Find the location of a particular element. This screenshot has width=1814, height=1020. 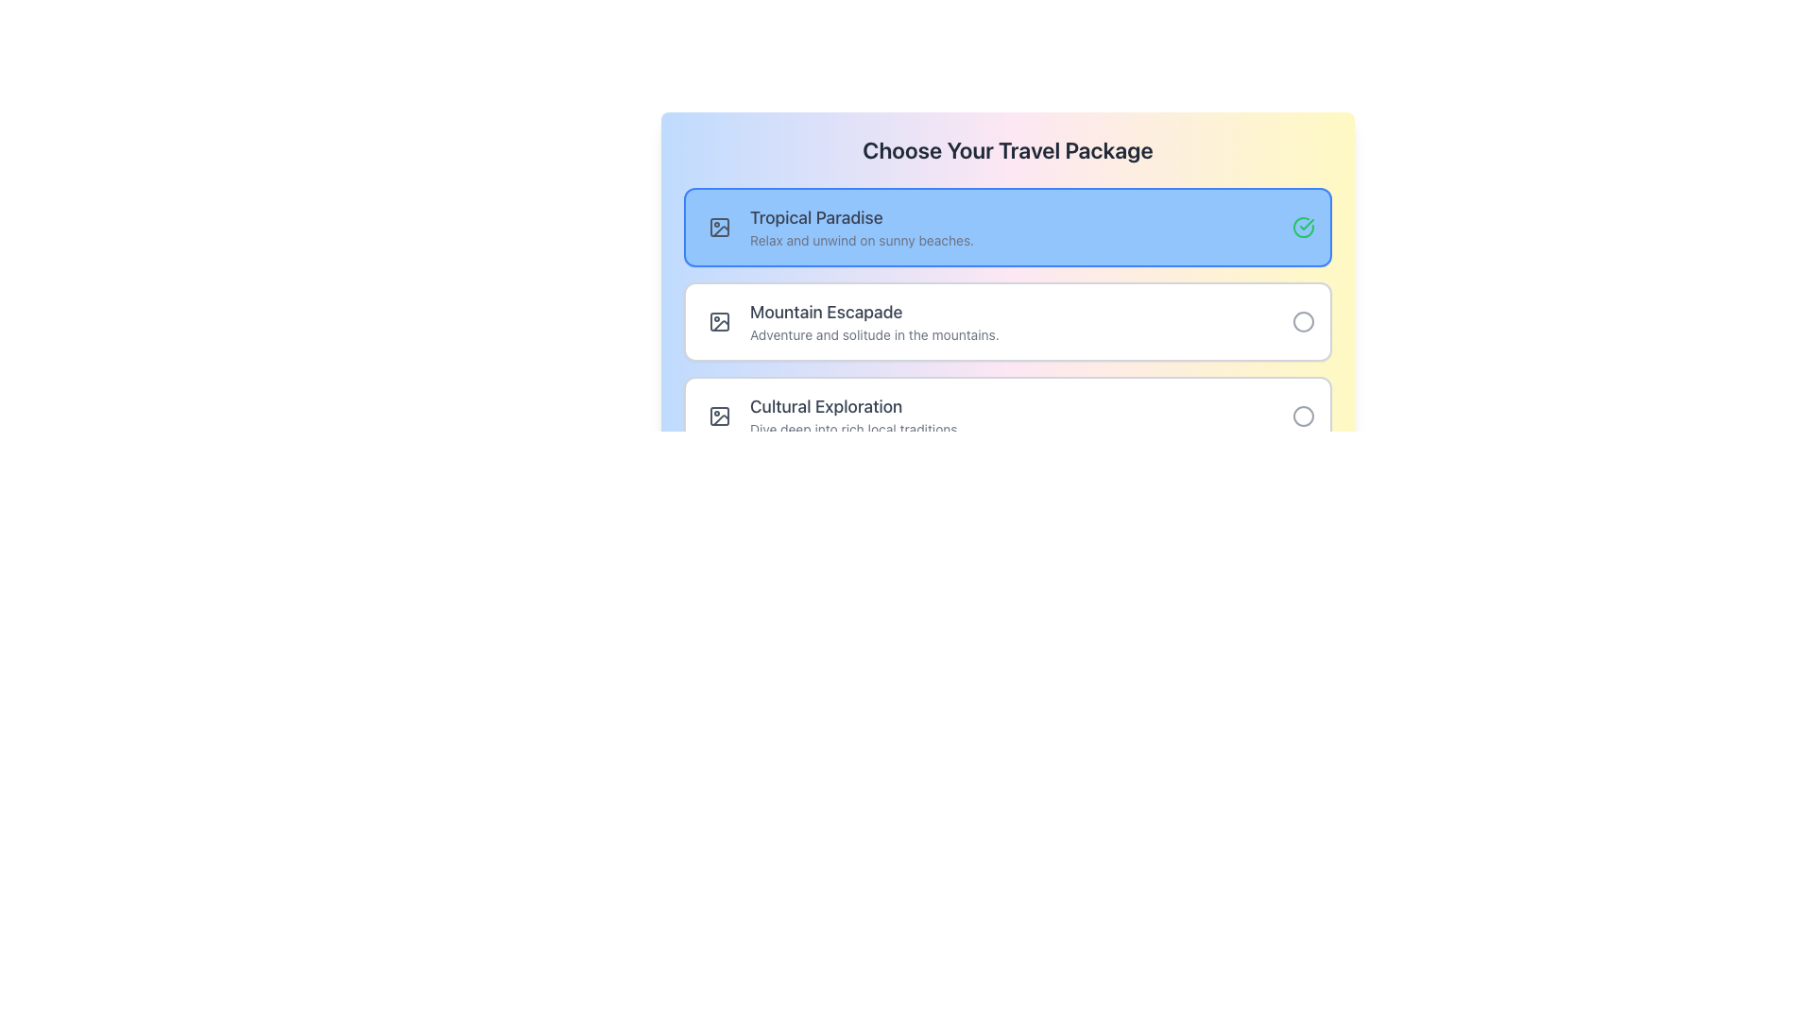

the 'Tropical Paradise' travel package icon, which visually represents a scenic travel destination and is the first icon in the list under the 'Choose Your Travel Package' heading is located at coordinates (719, 226).